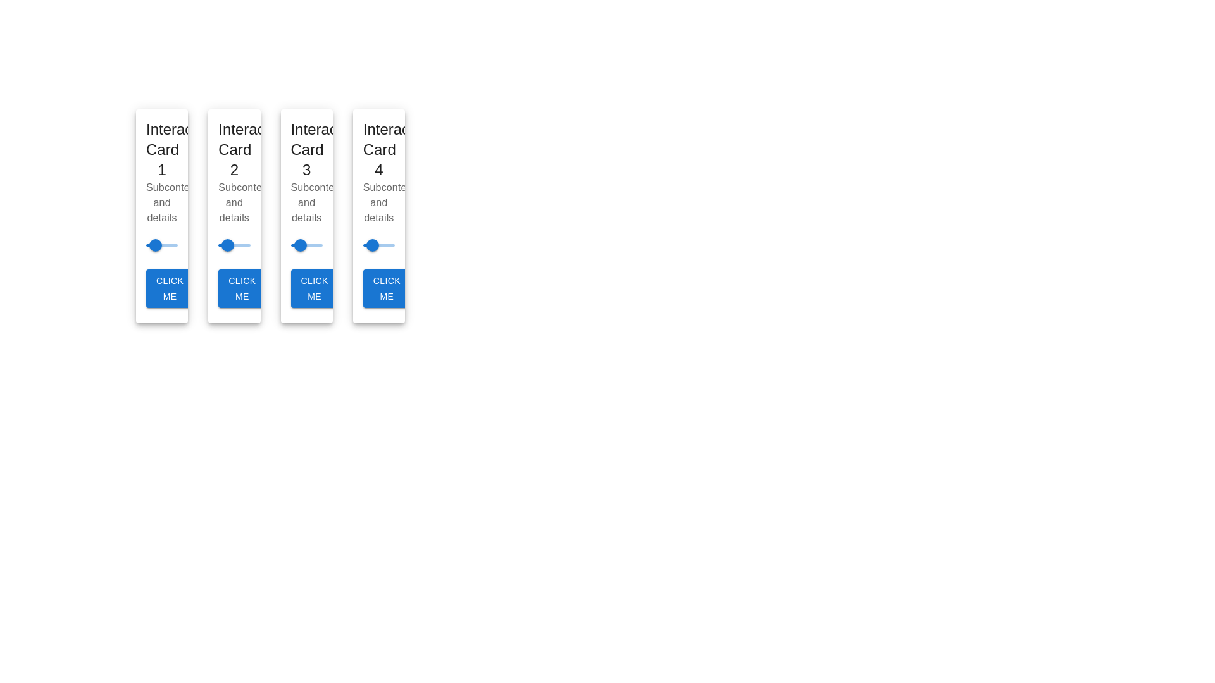 This screenshot has width=1215, height=683. I want to click on the slider value, so click(269, 245).